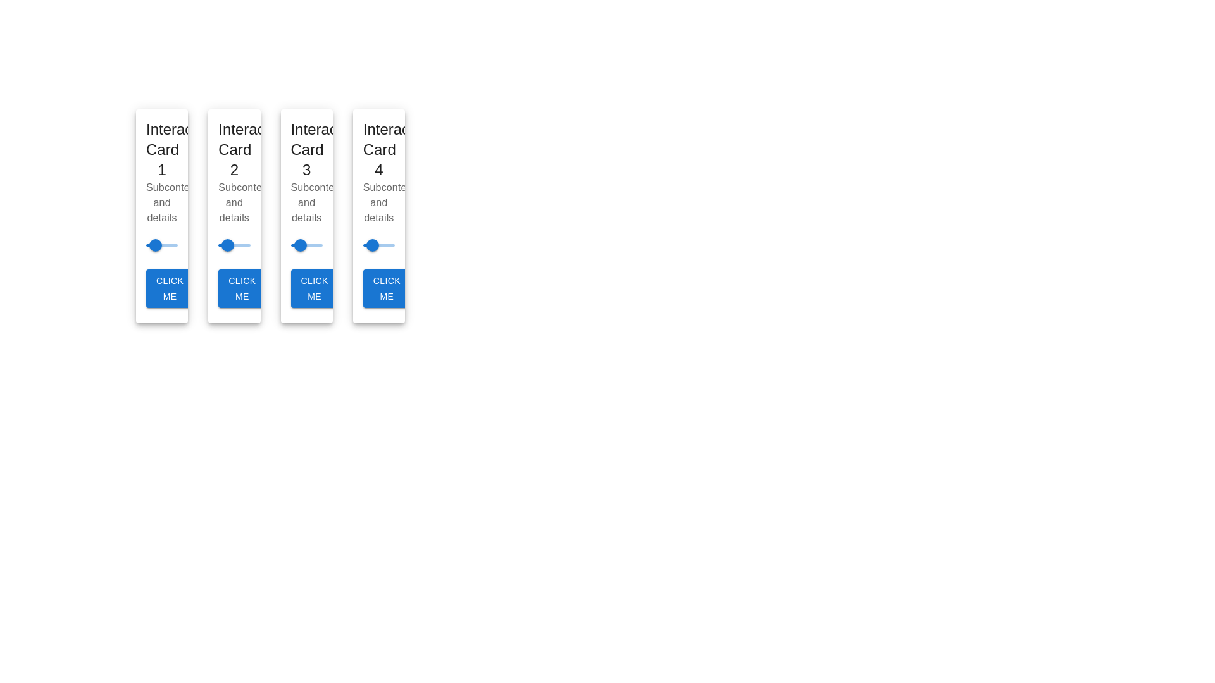 This screenshot has width=1215, height=683. I want to click on the slider value, so click(269, 245).